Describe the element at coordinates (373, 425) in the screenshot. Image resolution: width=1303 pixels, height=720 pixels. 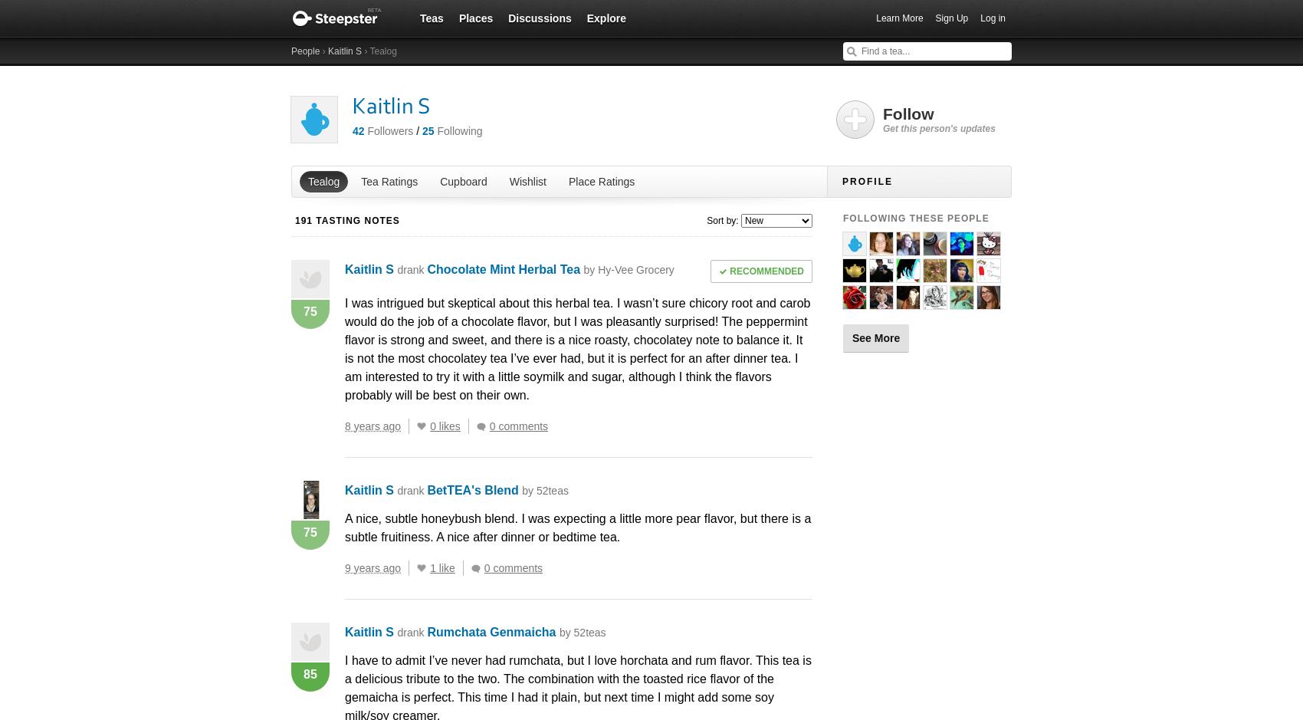
I see `'8 years ago'` at that location.